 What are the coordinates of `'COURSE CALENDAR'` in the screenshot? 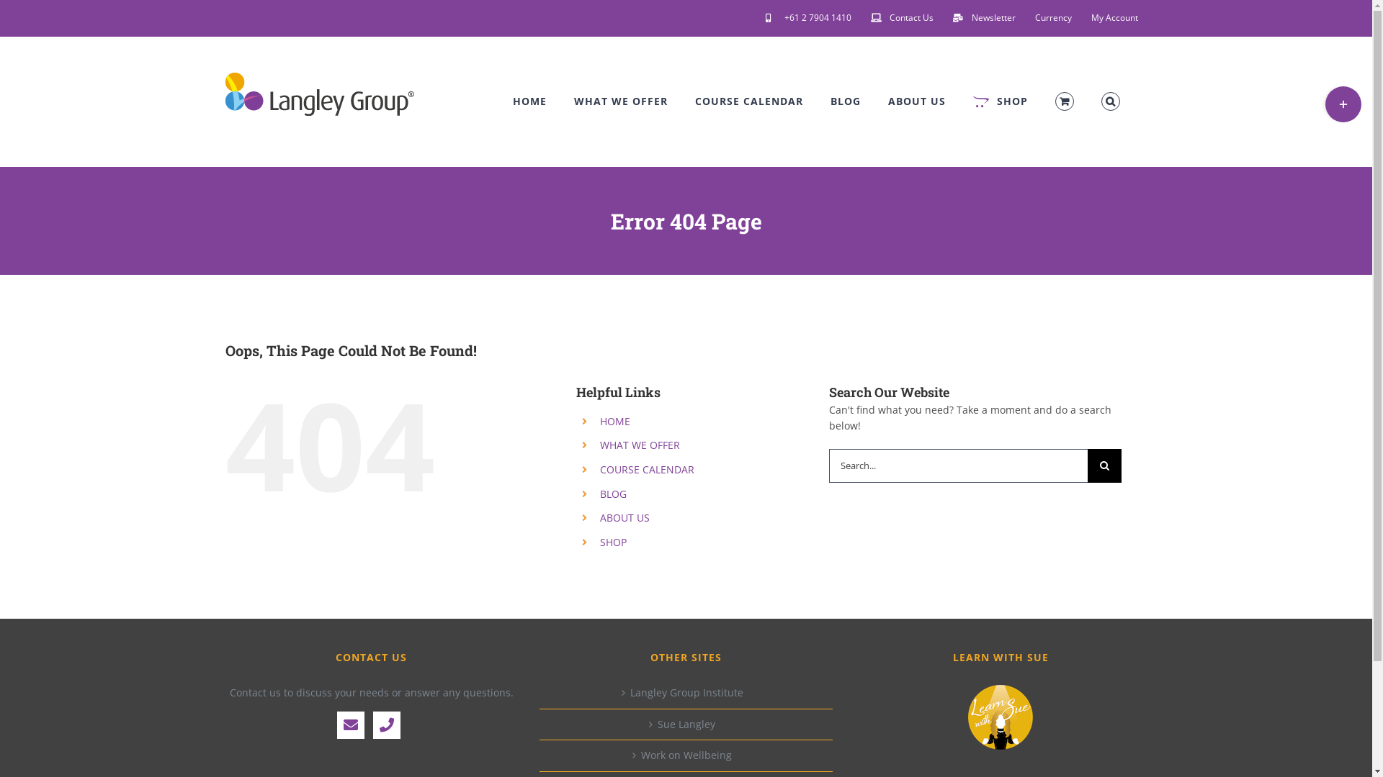 It's located at (694, 101).